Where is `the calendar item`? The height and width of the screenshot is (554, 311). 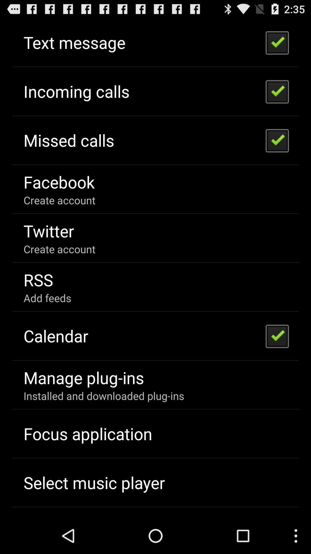
the calendar item is located at coordinates (56, 336).